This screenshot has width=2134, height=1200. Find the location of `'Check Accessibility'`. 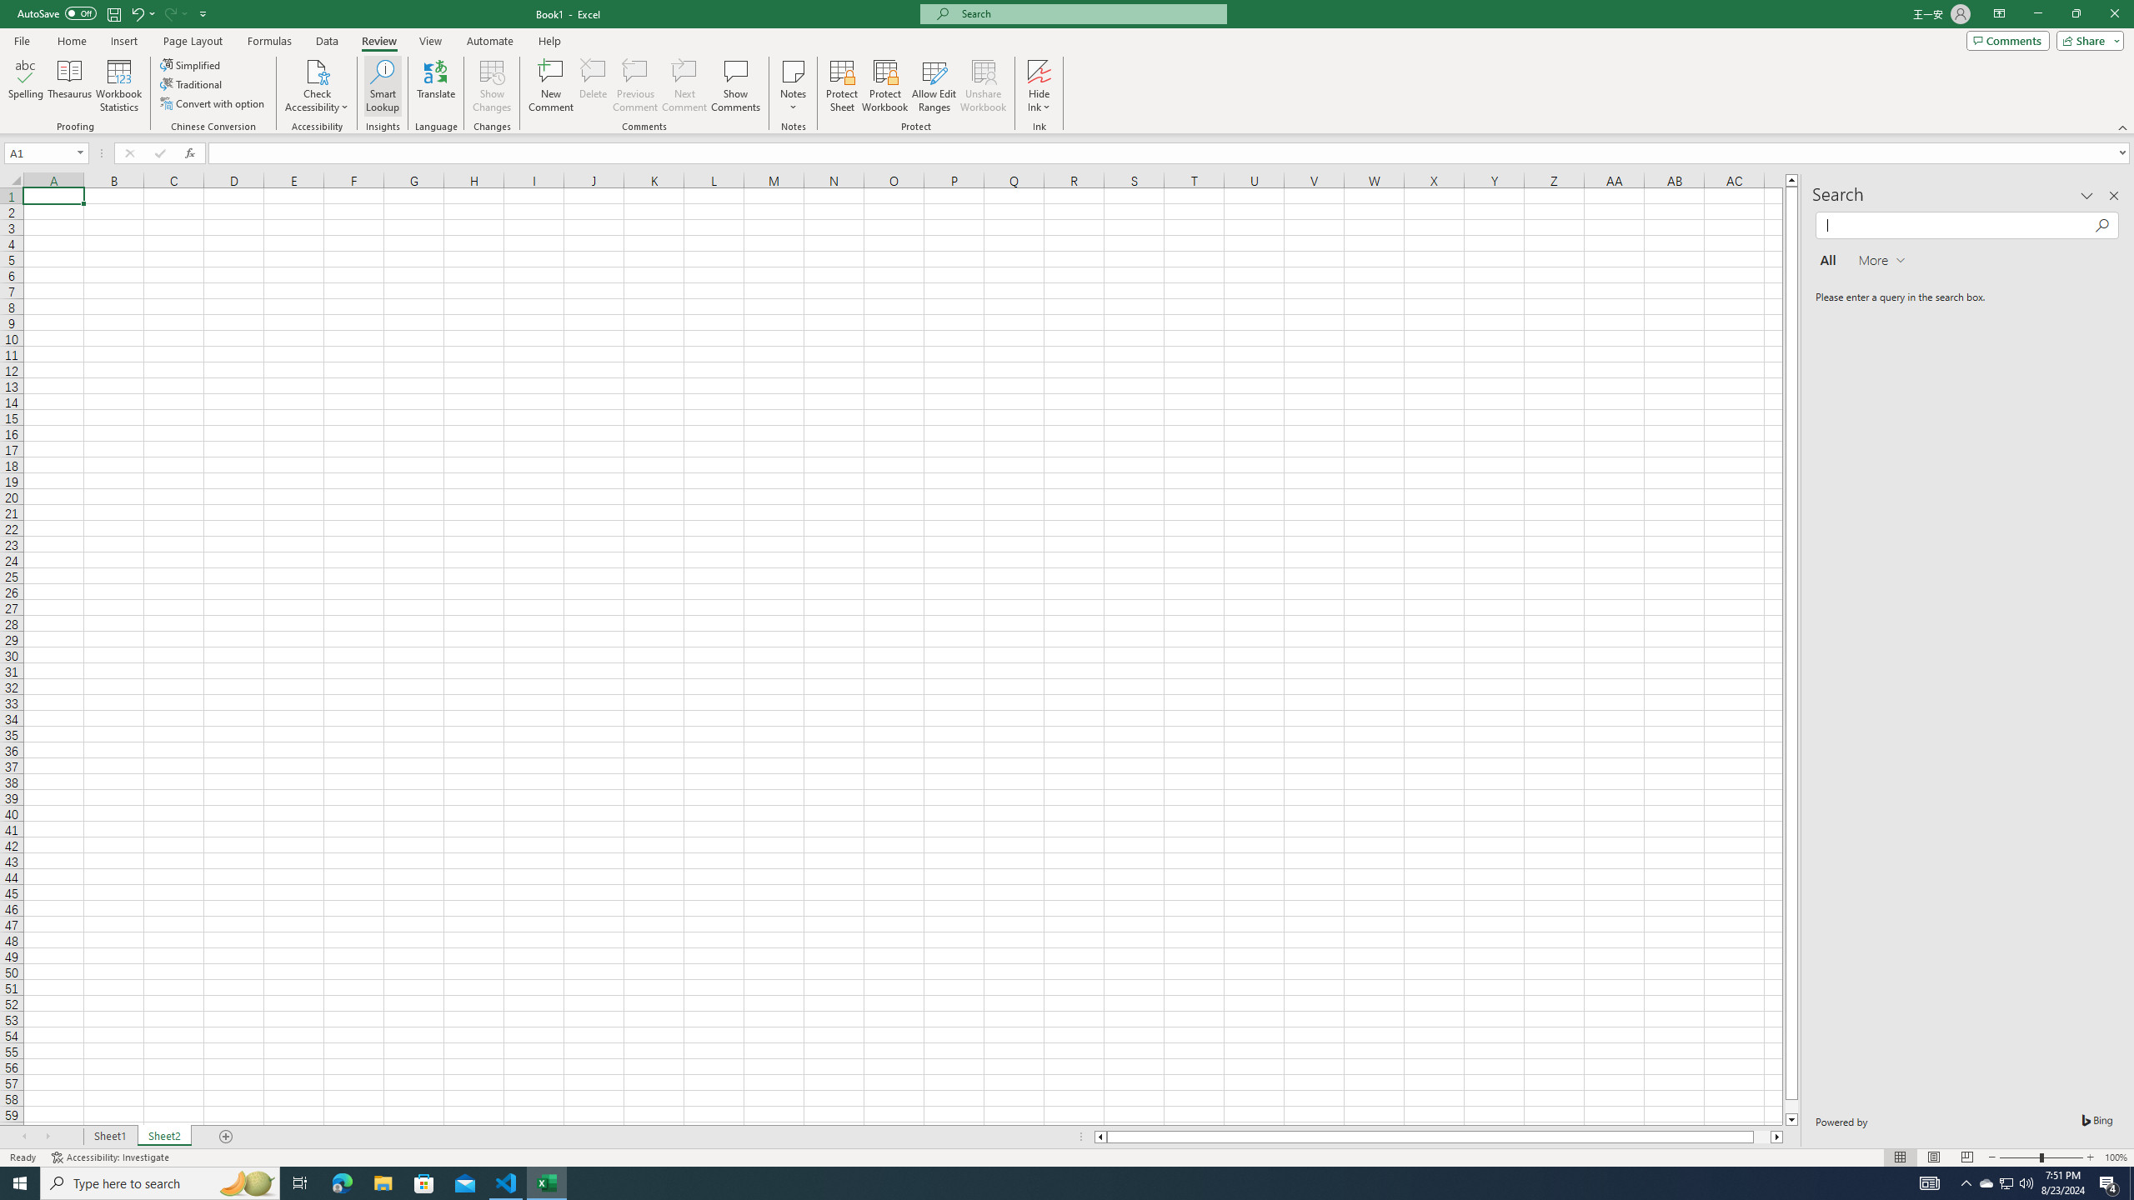

'Check Accessibility' is located at coordinates (316, 70).